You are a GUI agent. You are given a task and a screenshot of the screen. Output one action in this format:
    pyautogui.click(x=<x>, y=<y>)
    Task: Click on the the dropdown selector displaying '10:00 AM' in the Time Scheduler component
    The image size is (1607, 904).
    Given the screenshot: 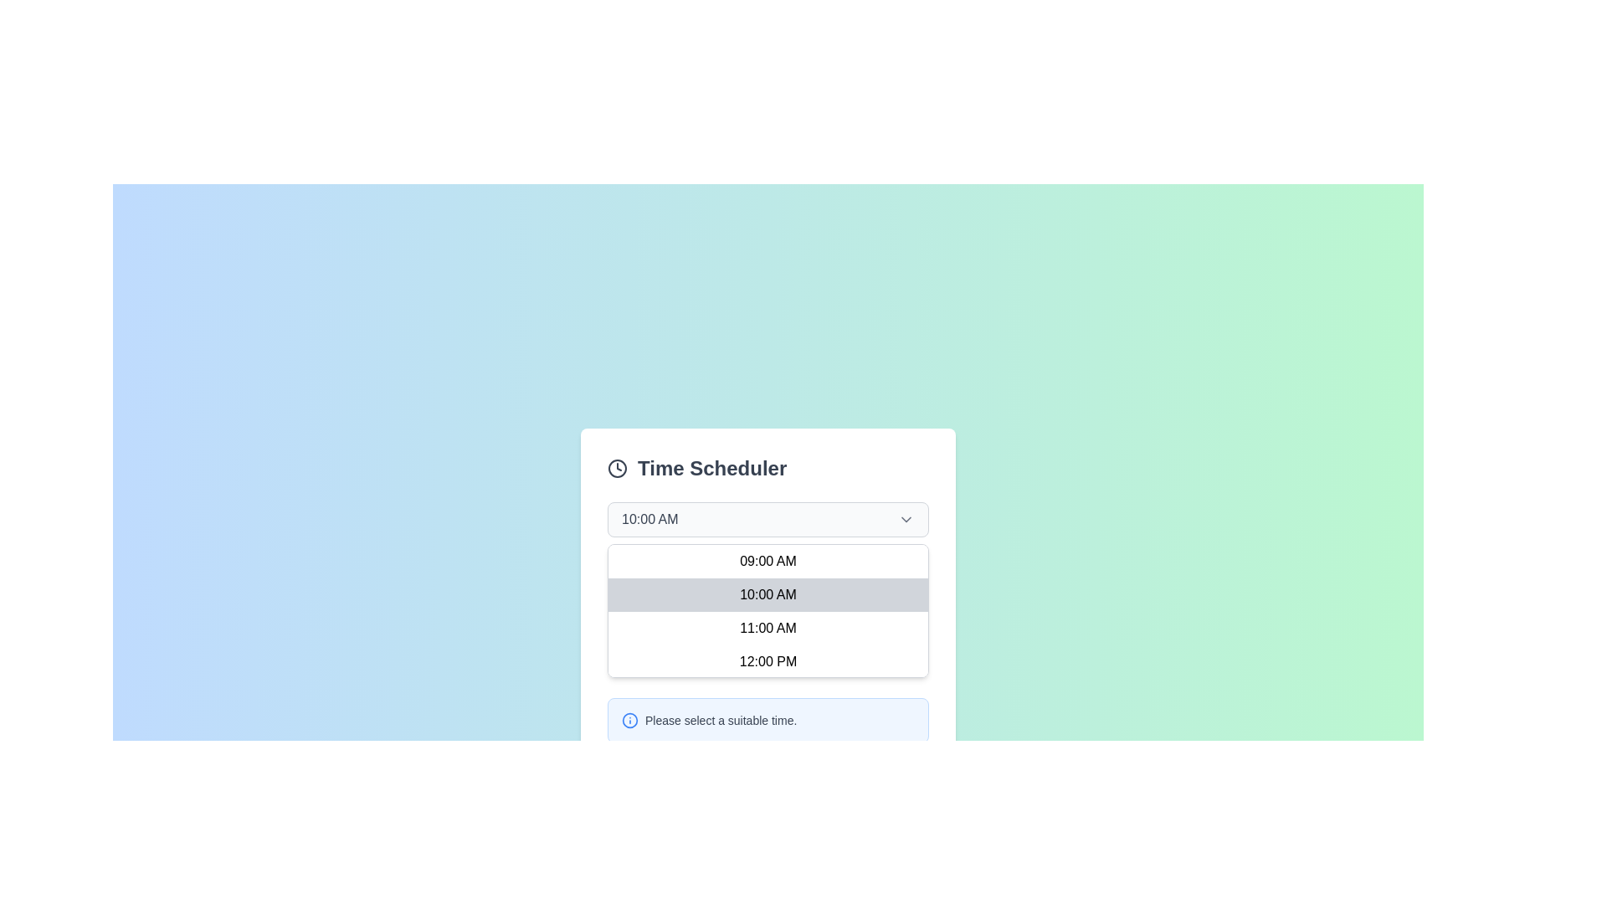 What is the action you would take?
    pyautogui.click(x=767, y=519)
    